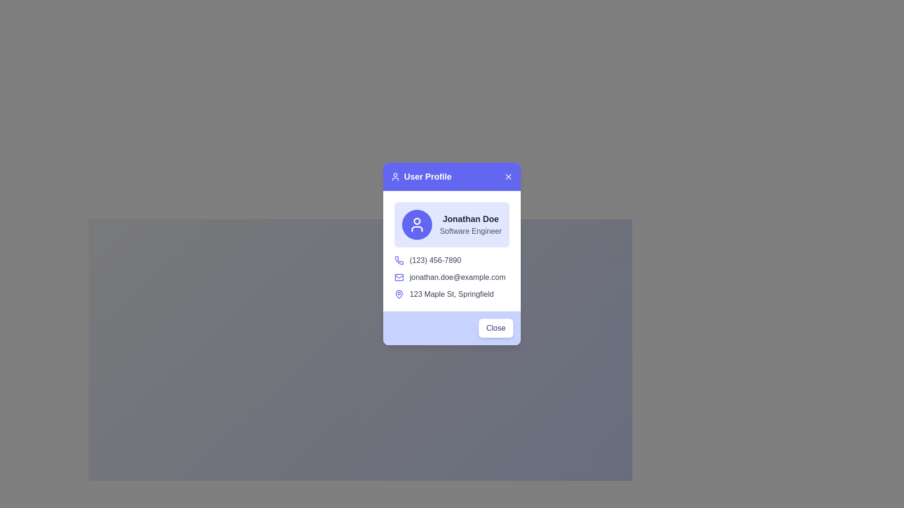 This screenshot has width=904, height=508. I want to click on the Text label displaying the address '123 Maple St, Springfield' within the User Profile modal, located between the email address and the 'Close' button, so click(451, 294).